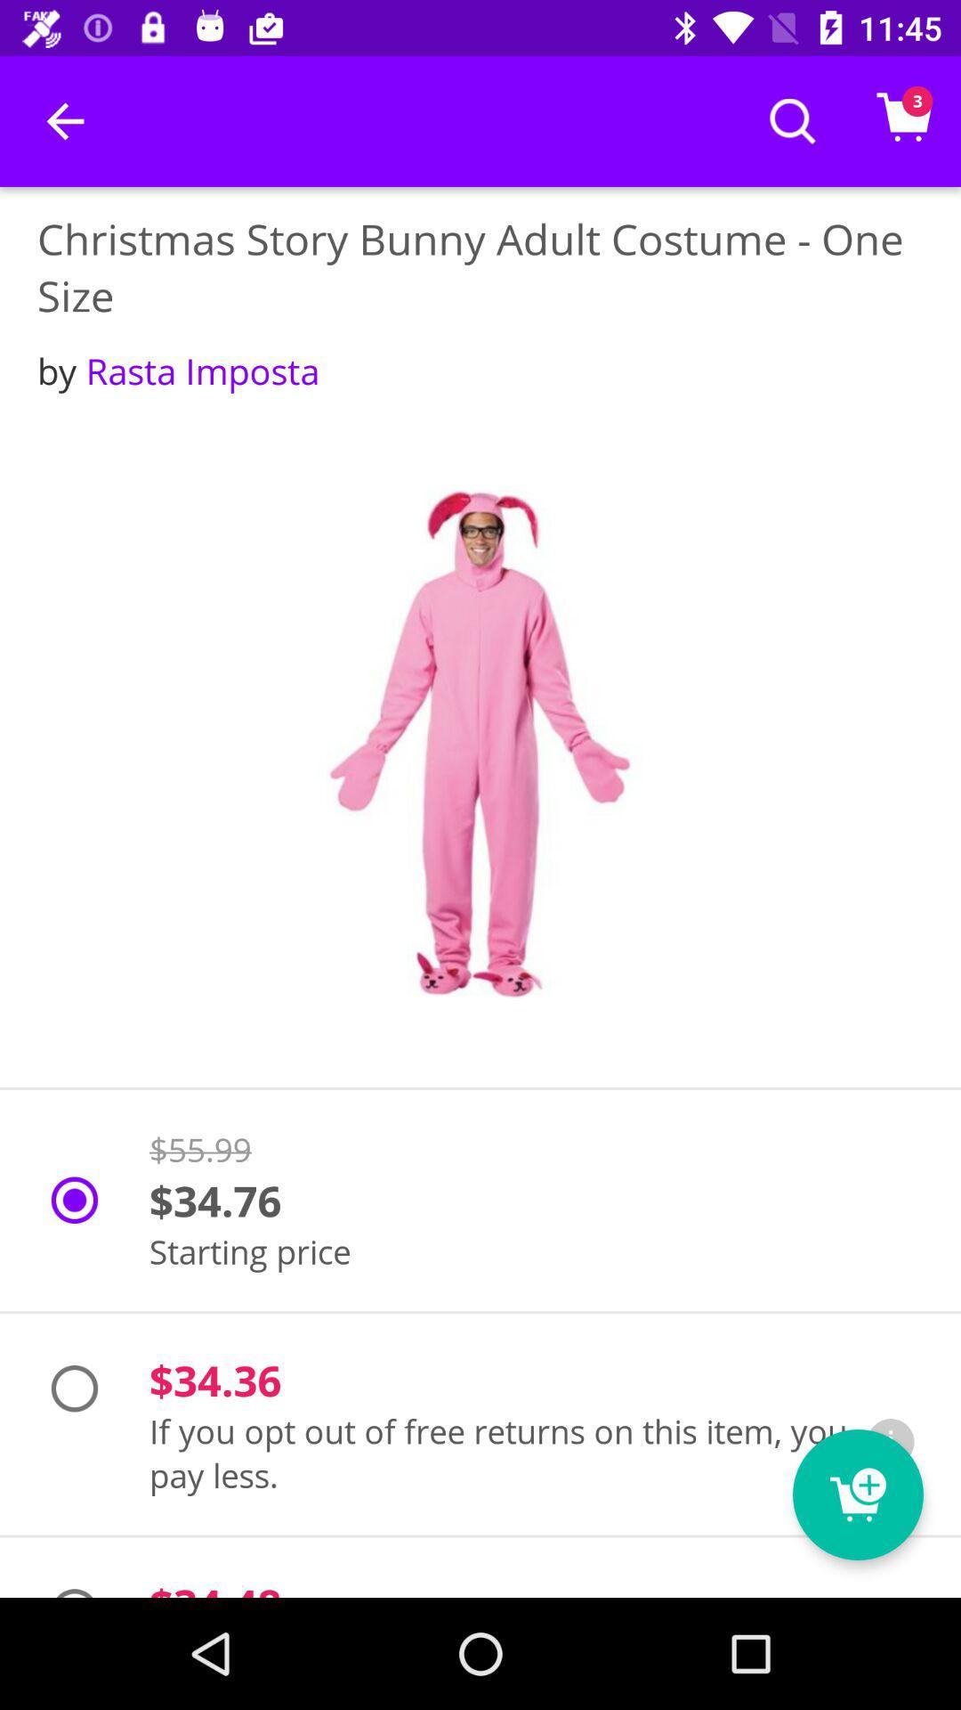 This screenshot has height=1710, width=961. What do you see at coordinates (857, 1494) in the screenshot?
I see `the cart icon` at bounding box center [857, 1494].